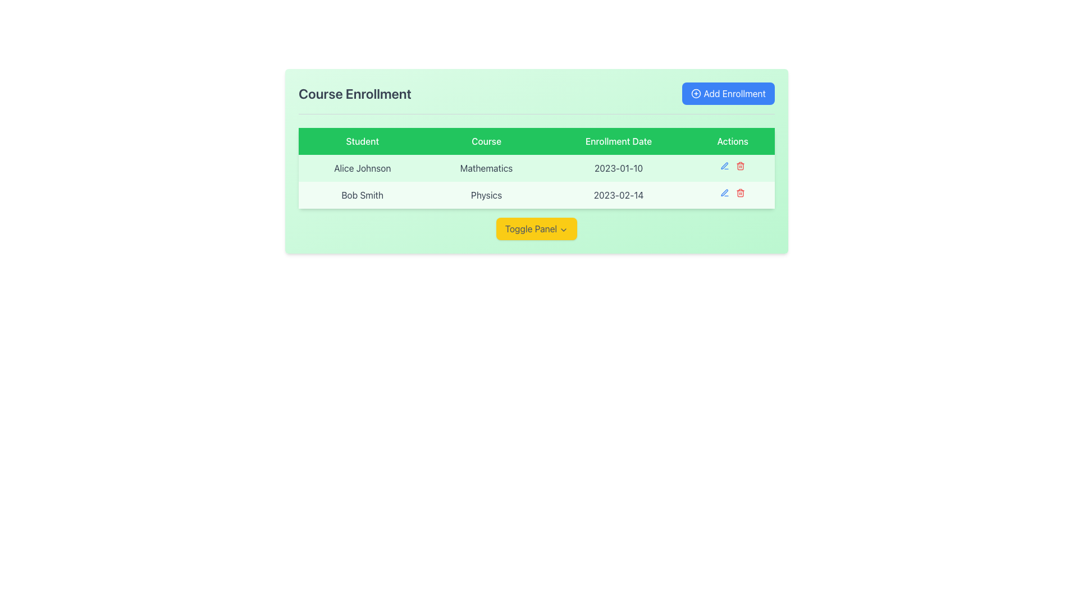  I want to click on the informational Text label representing the course subject for the associated student located in the second cell of the first data row under the 'Course' heading, so click(486, 168).